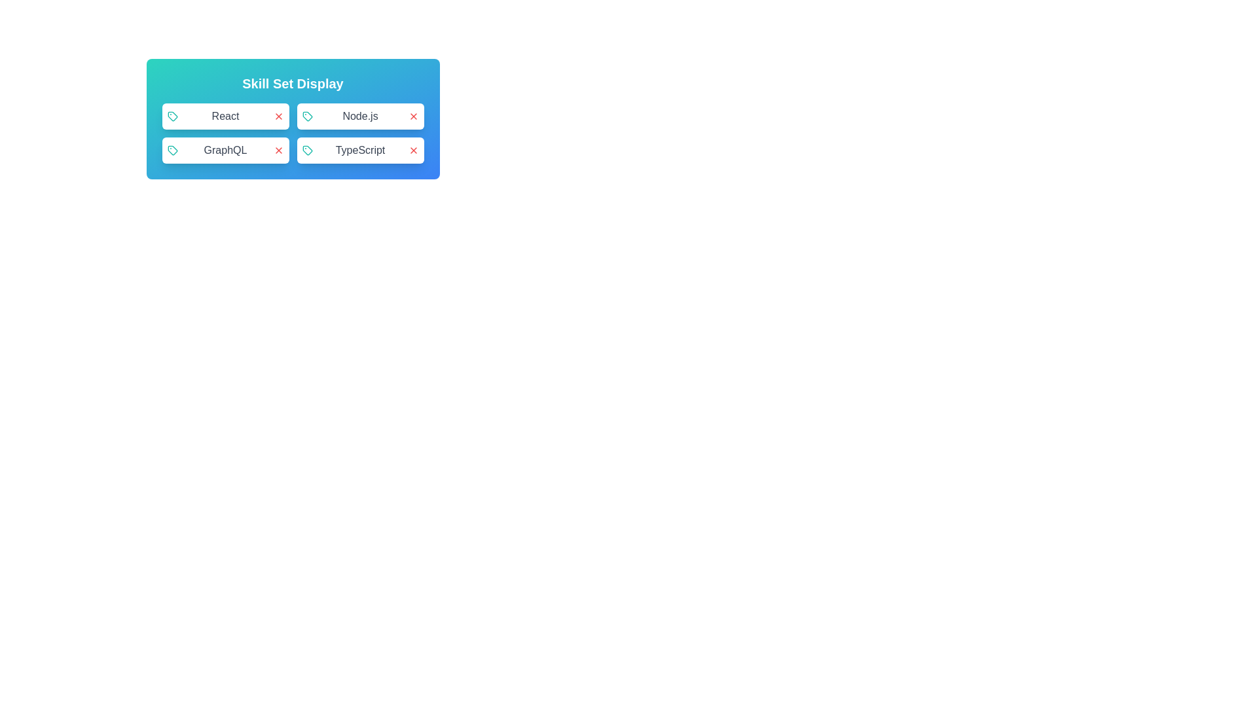 The height and width of the screenshot is (707, 1257). What do you see at coordinates (412, 115) in the screenshot?
I see `close button next to the skill Node.js to remove it` at bounding box center [412, 115].